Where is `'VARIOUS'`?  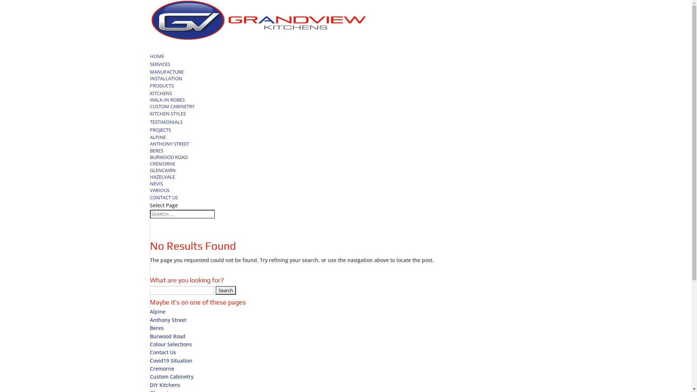 'VARIOUS' is located at coordinates (159, 190).